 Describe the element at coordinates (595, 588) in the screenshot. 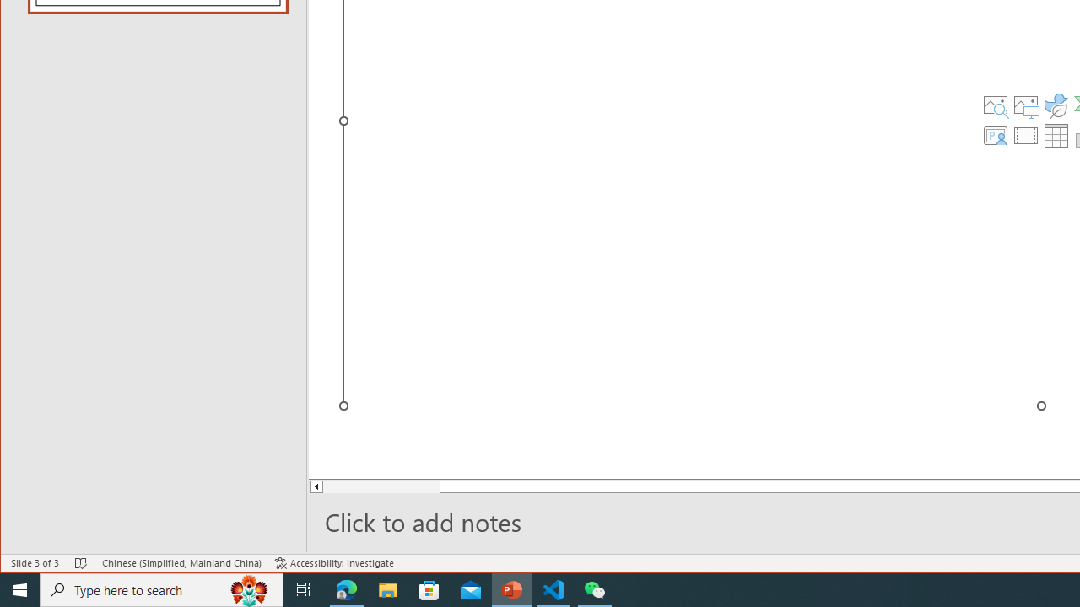

I see `'WeChat - 1 running window'` at that location.